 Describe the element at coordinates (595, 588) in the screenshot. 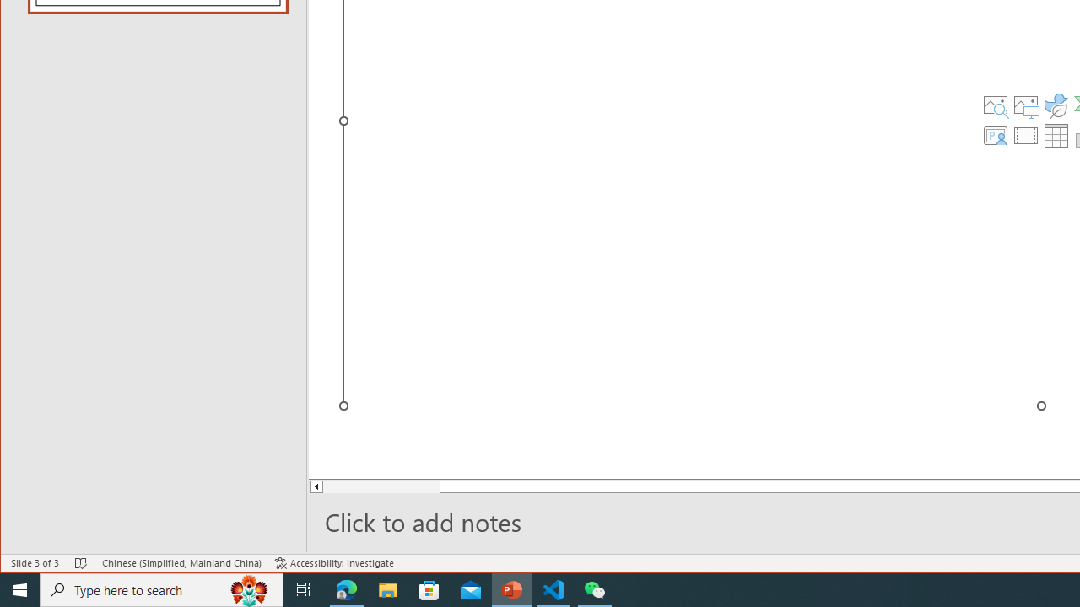

I see `'WeChat - 1 running window'` at that location.